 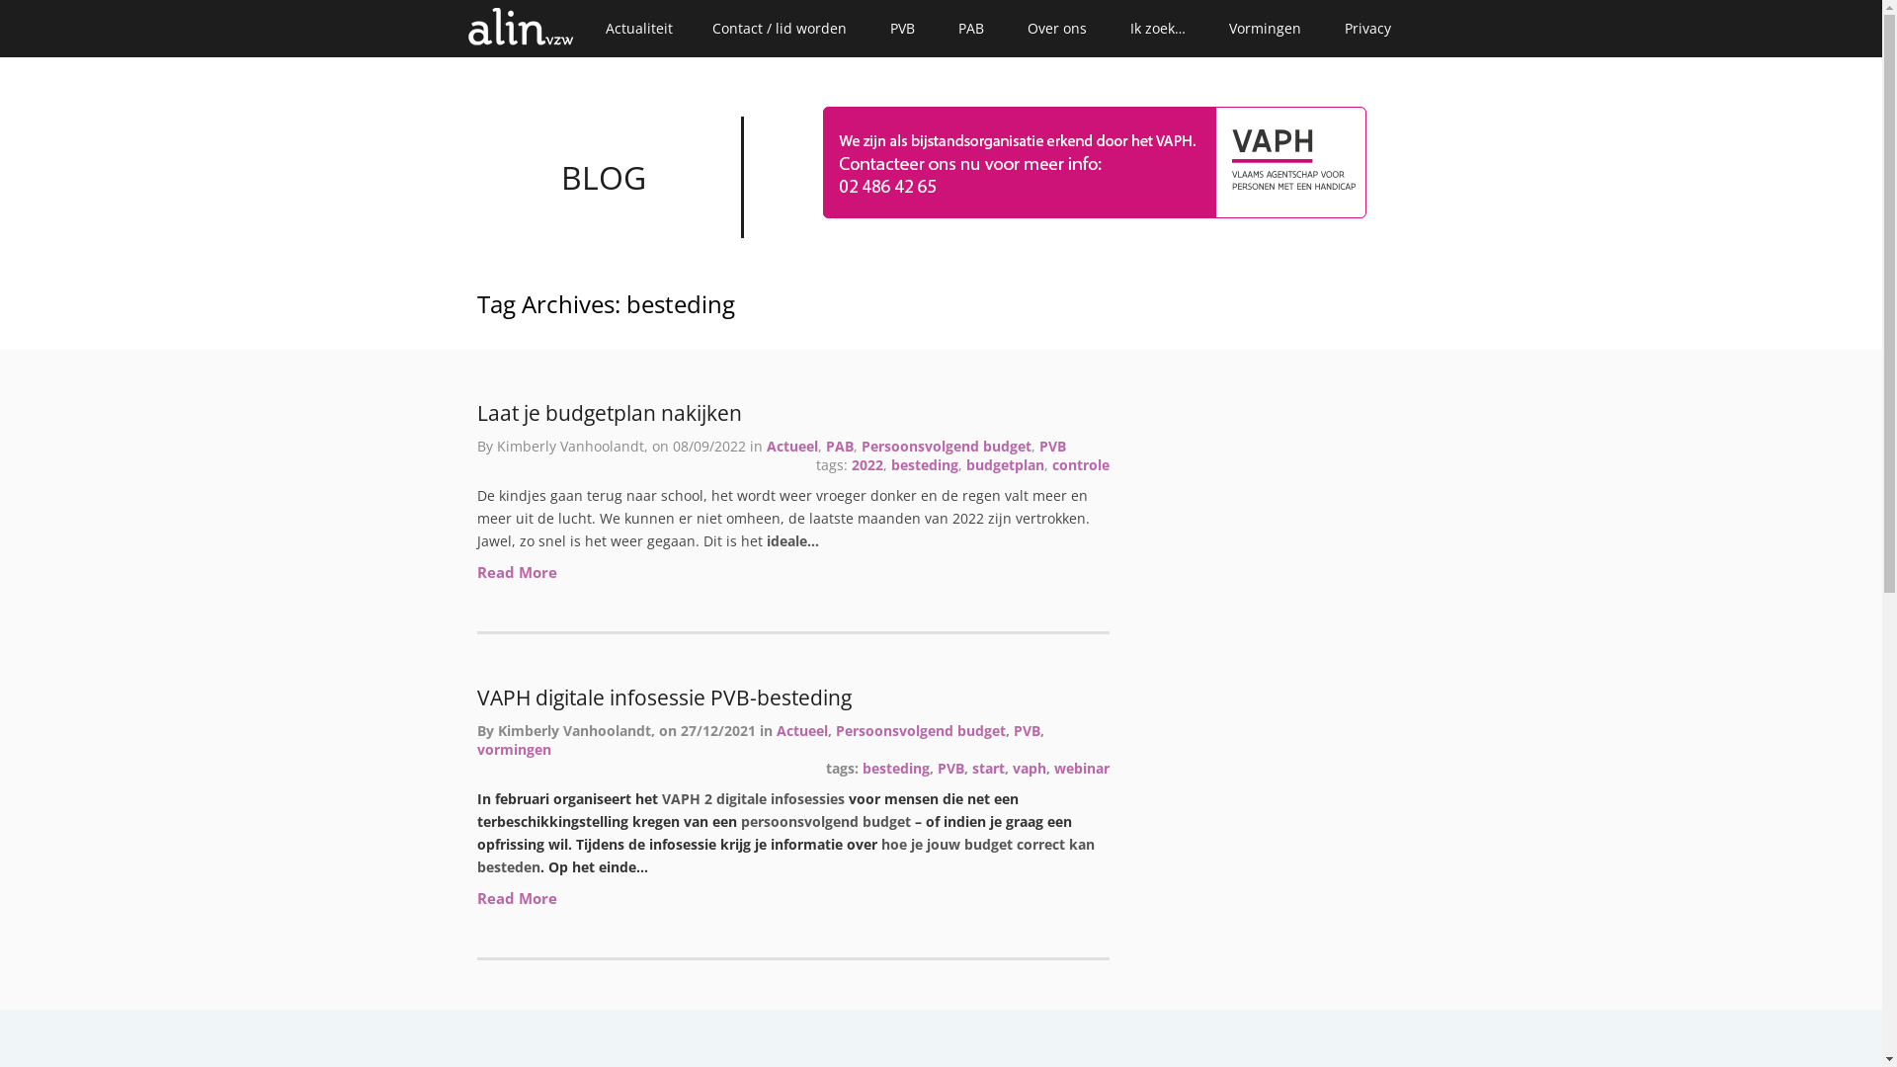 I want to click on 'Read More', so click(x=475, y=571).